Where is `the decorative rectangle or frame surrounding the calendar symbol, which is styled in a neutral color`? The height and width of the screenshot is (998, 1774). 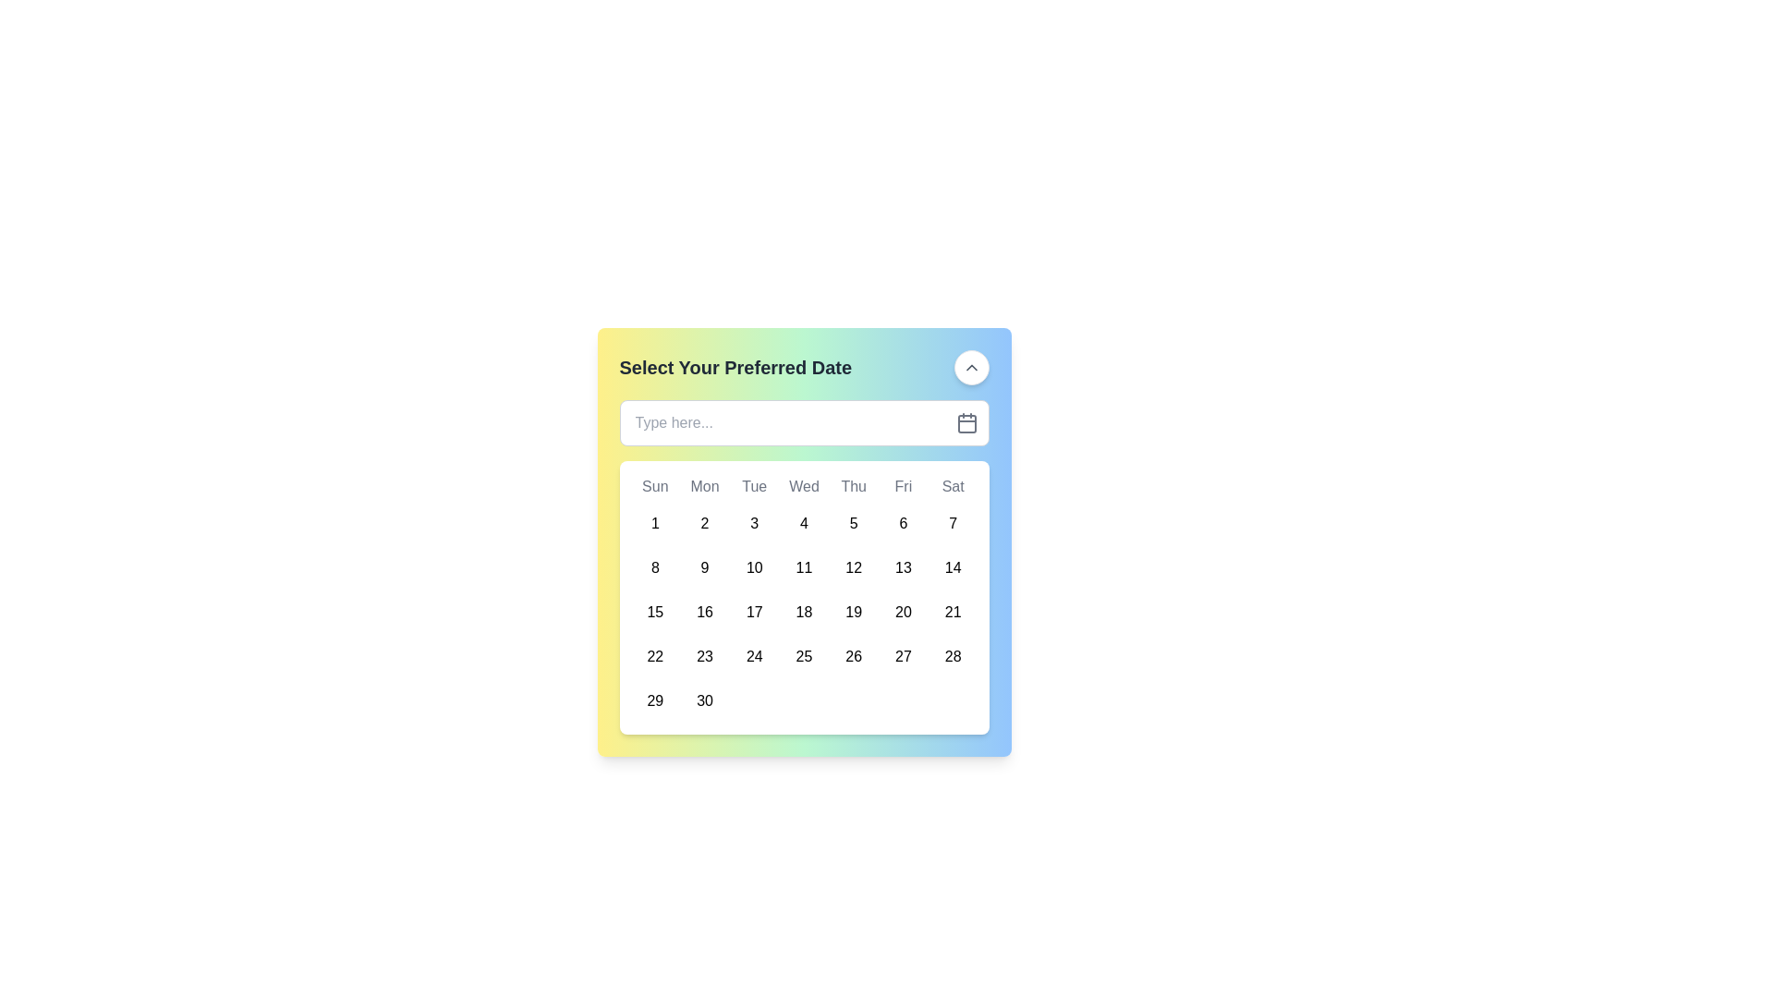
the decorative rectangle or frame surrounding the calendar symbol, which is styled in a neutral color is located at coordinates (966, 424).